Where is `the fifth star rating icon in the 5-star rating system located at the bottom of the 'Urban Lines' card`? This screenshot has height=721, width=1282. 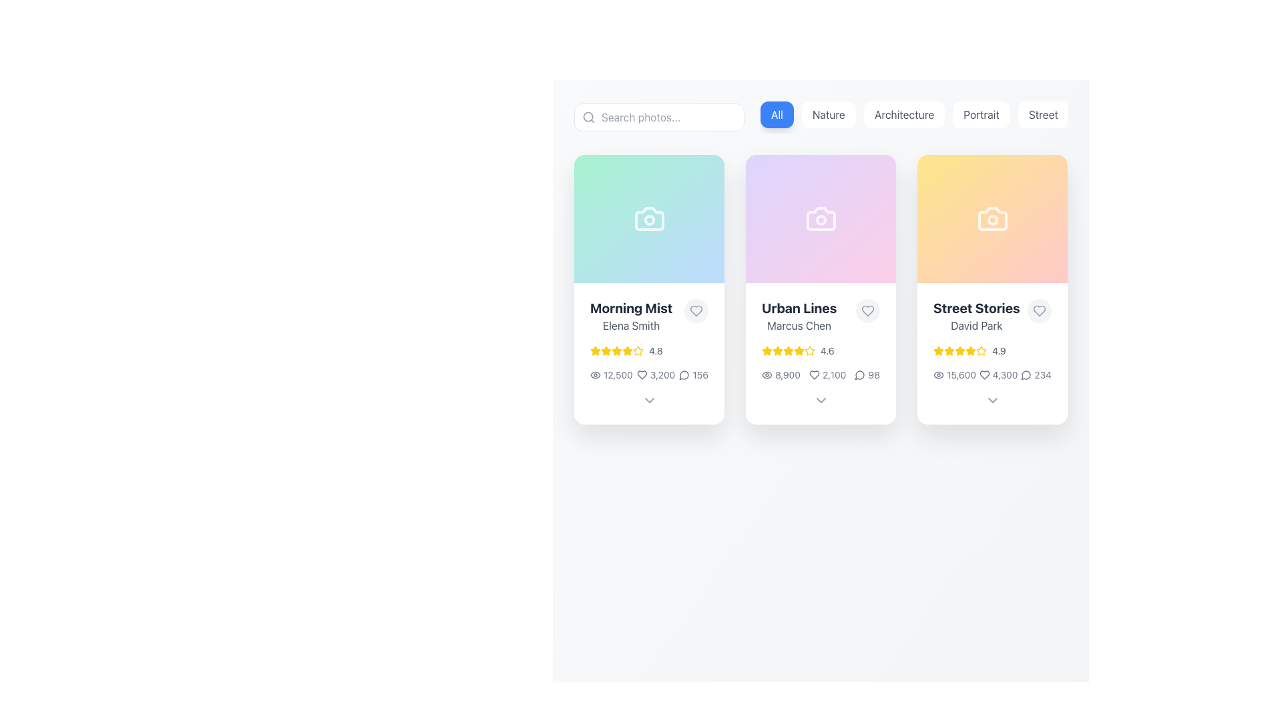 the fifth star rating icon in the 5-star rating system located at the bottom of the 'Urban Lines' card is located at coordinates (799, 350).